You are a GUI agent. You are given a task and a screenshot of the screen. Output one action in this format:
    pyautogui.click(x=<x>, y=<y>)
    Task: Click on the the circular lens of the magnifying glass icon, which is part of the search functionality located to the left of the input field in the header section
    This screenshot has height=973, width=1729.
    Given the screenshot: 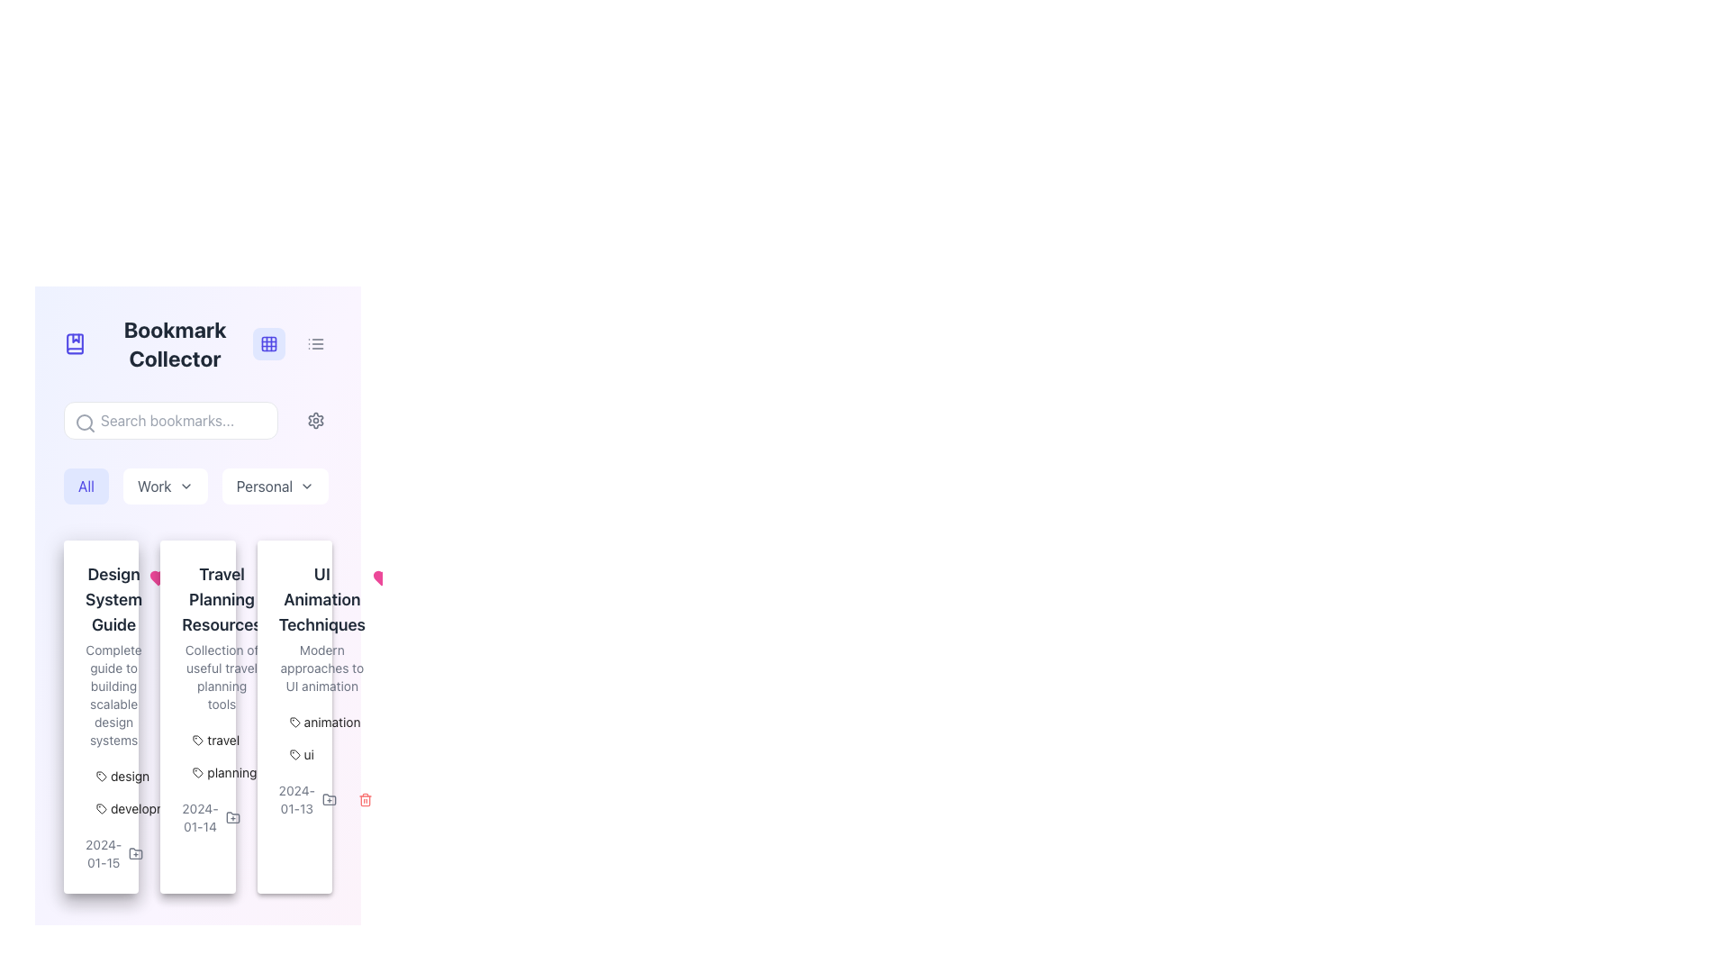 What is the action you would take?
    pyautogui.click(x=84, y=423)
    